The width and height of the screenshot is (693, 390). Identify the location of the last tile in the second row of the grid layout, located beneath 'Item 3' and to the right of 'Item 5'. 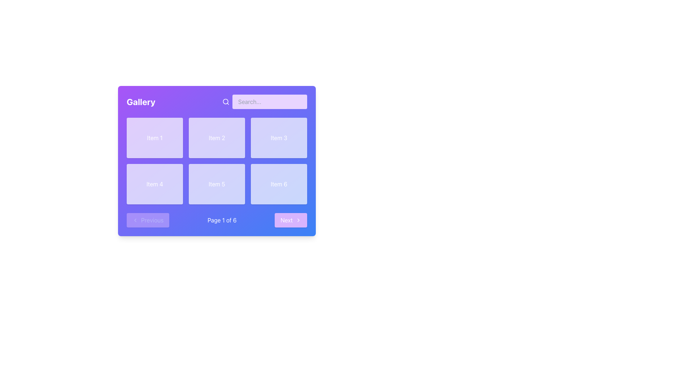
(278, 183).